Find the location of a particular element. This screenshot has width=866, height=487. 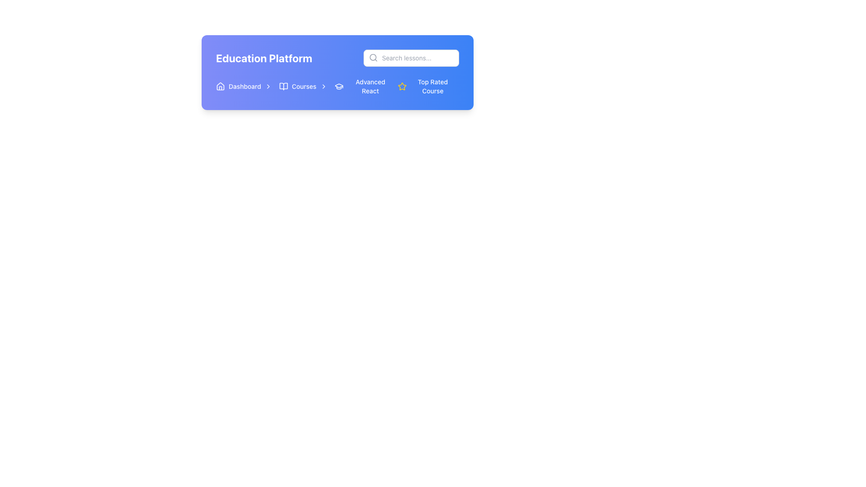

the 'Dashboard' text label hyperlink is located at coordinates (244, 87).